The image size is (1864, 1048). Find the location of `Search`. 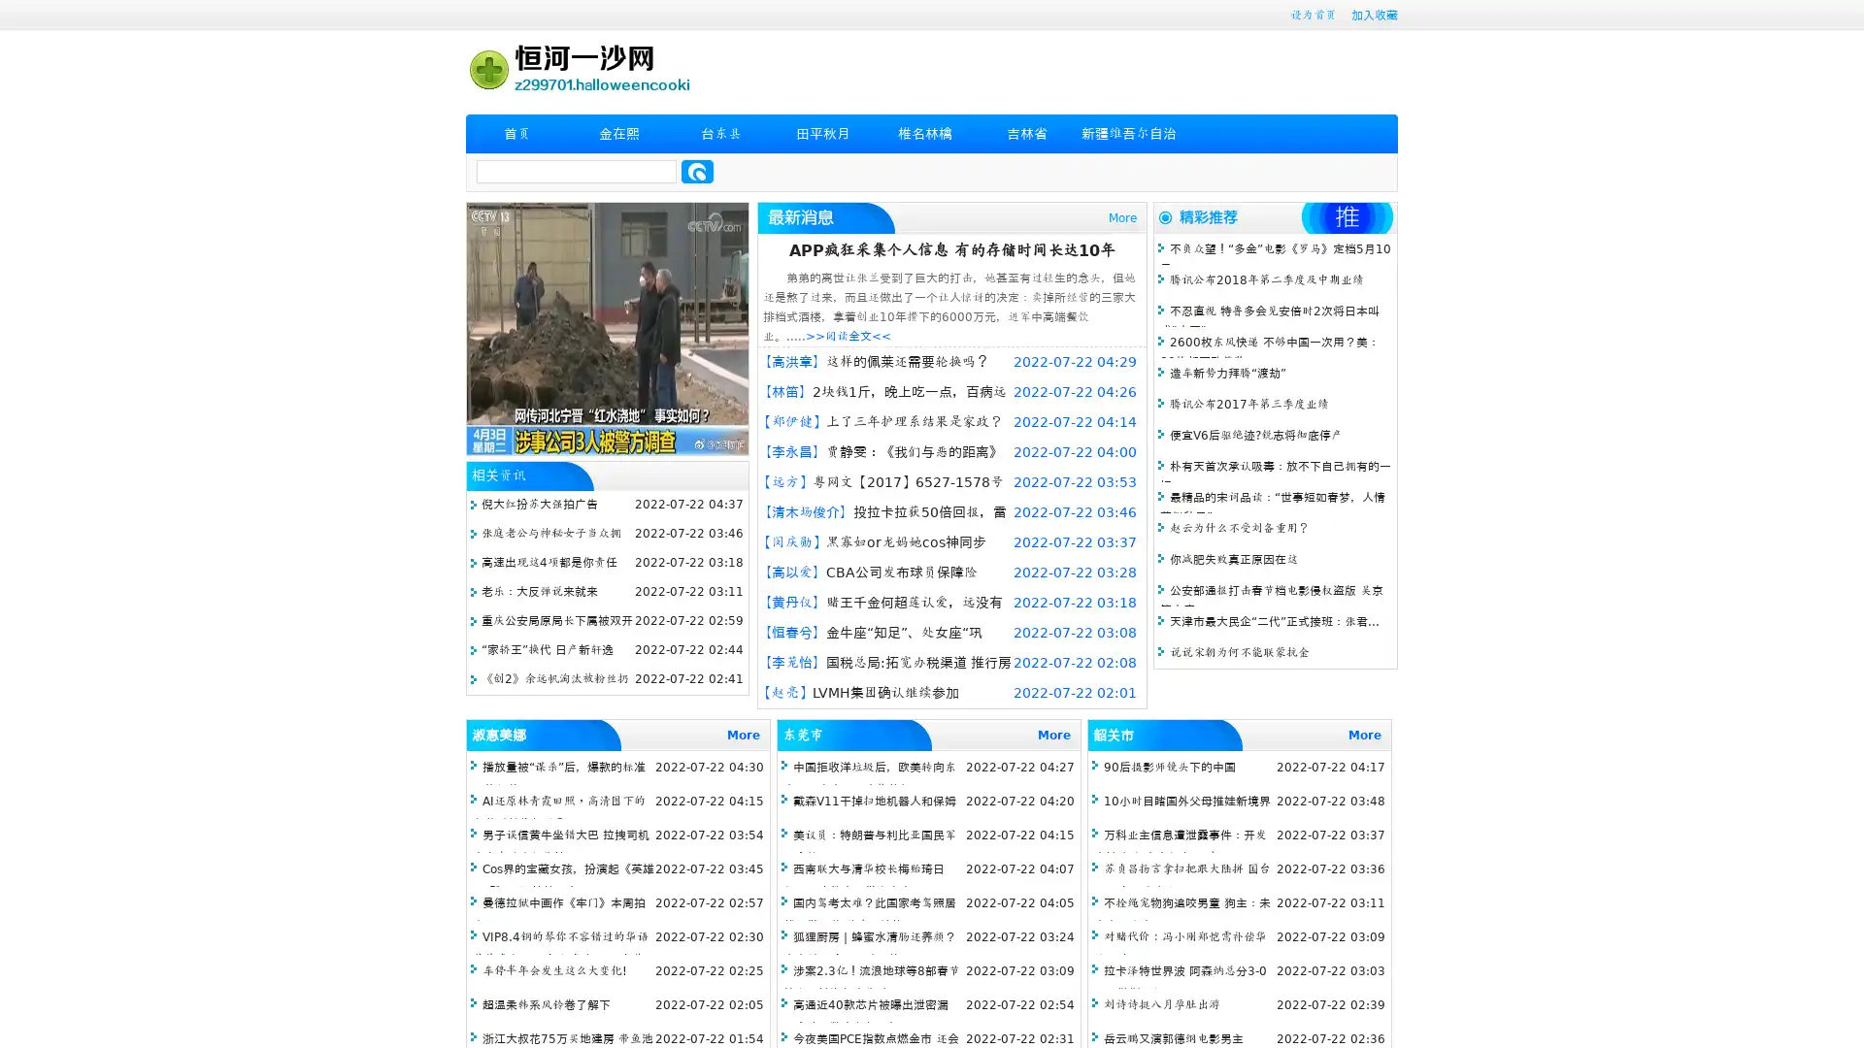

Search is located at coordinates (697, 171).